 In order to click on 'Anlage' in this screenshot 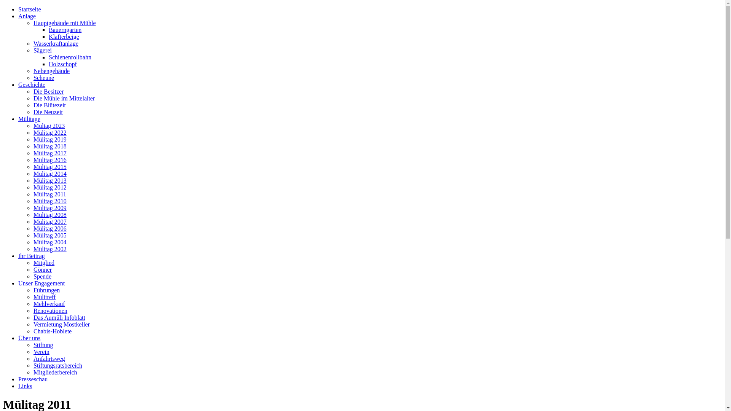, I will do `click(27, 16)`.